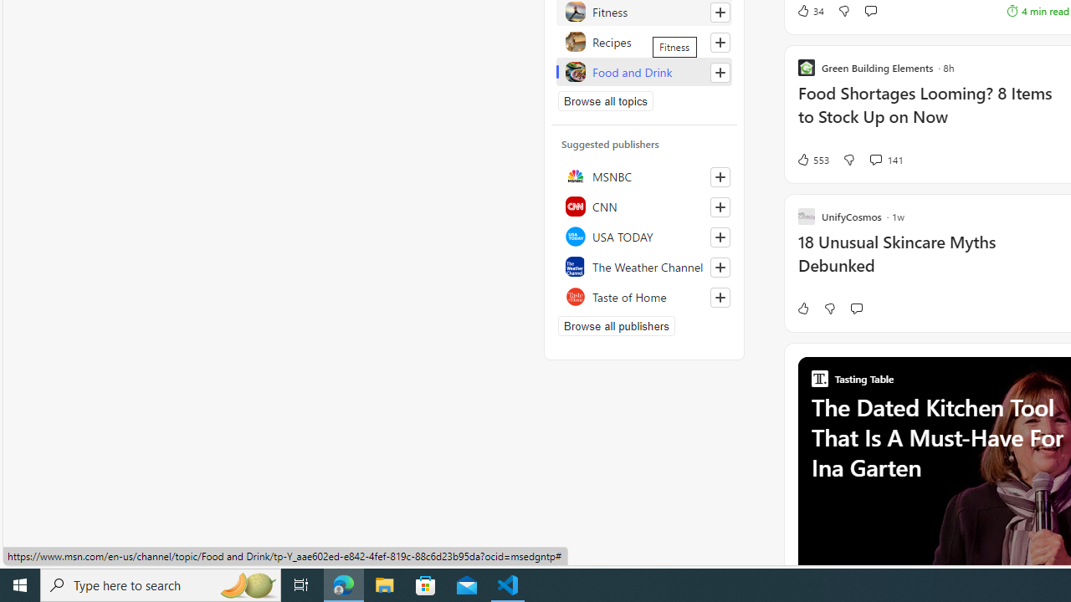 The width and height of the screenshot is (1071, 602). I want to click on 'Food and Drink', so click(643, 71).